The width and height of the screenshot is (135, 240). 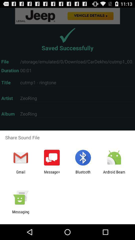 I want to click on the bluetooth icon, so click(x=83, y=174).